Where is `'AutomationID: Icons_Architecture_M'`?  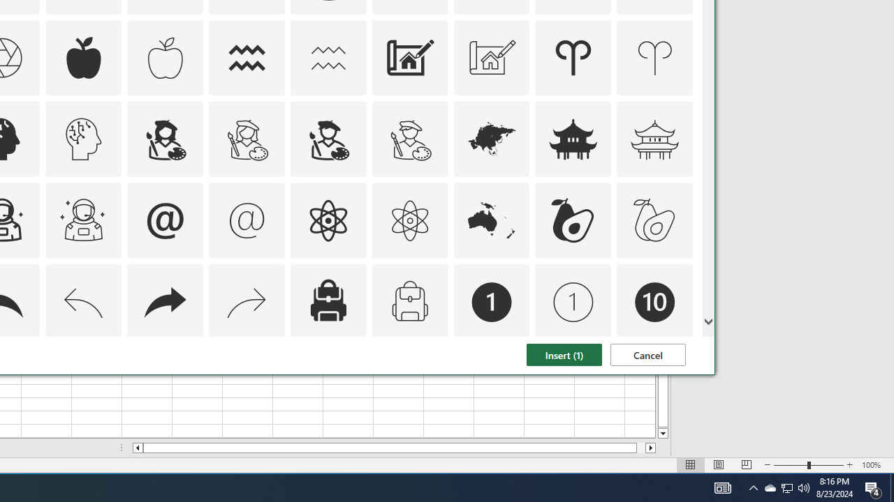
'AutomationID: Icons_Architecture_M' is located at coordinates (492, 56).